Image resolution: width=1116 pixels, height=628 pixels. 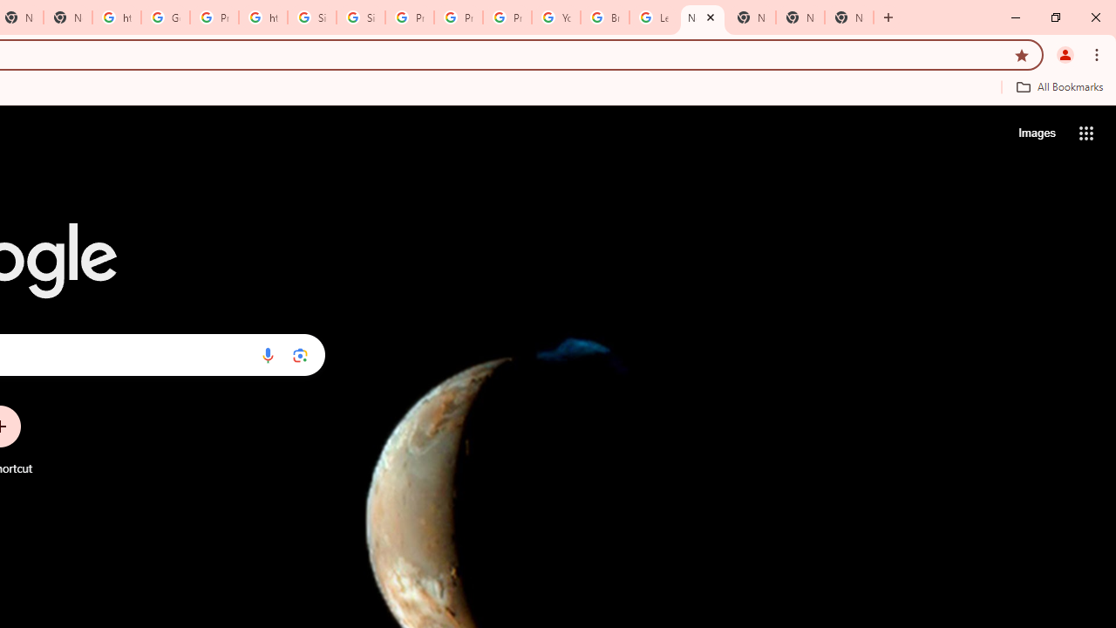 What do you see at coordinates (262, 17) in the screenshot?
I see `'https://scholar.google.com/'` at bounding box center [262, 17].